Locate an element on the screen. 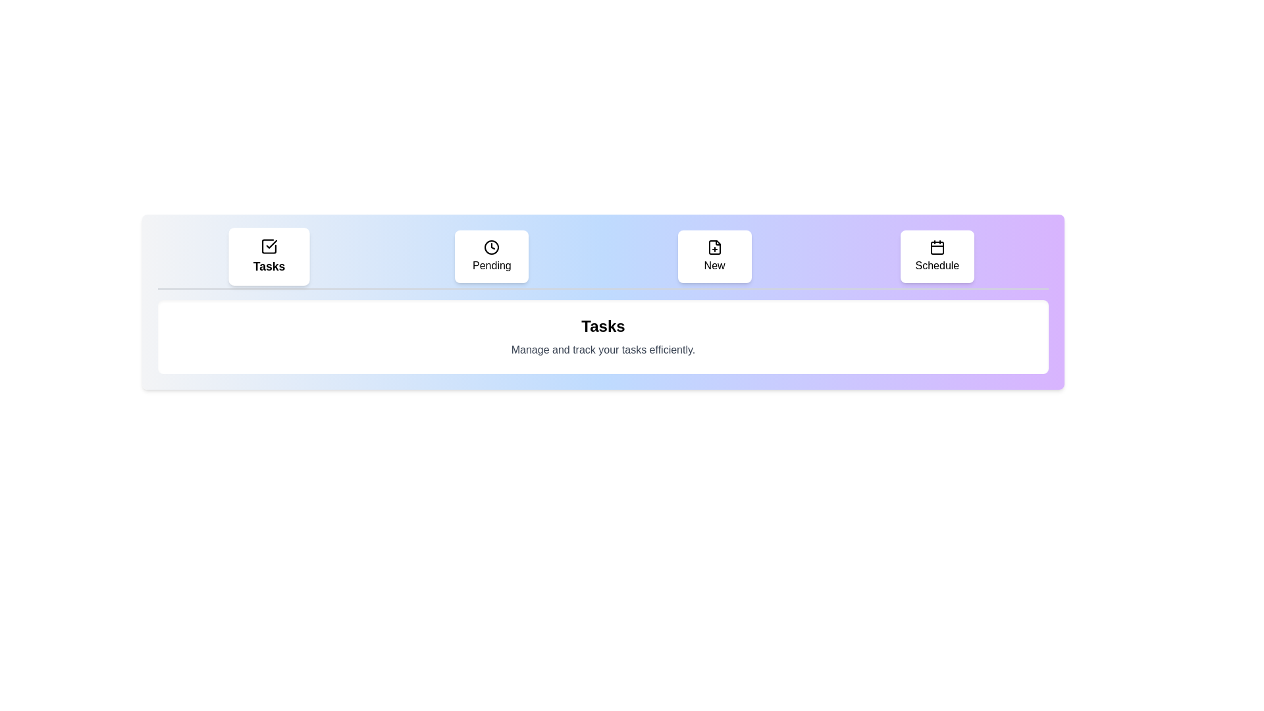 The width and height of the screenshot is (1264, 711). the tab labeled Schedule to select it is located at coordinates (935, 256).